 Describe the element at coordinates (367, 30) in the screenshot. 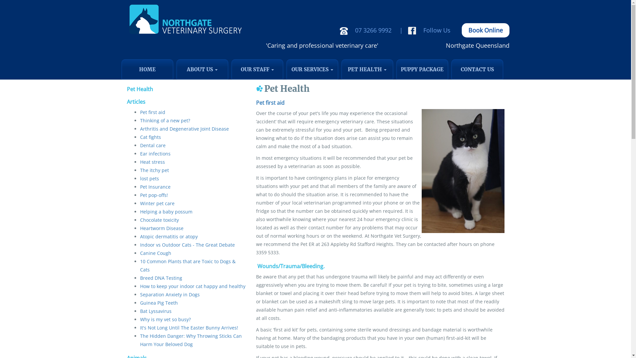

I see `'07 3266 9992'` at that location.